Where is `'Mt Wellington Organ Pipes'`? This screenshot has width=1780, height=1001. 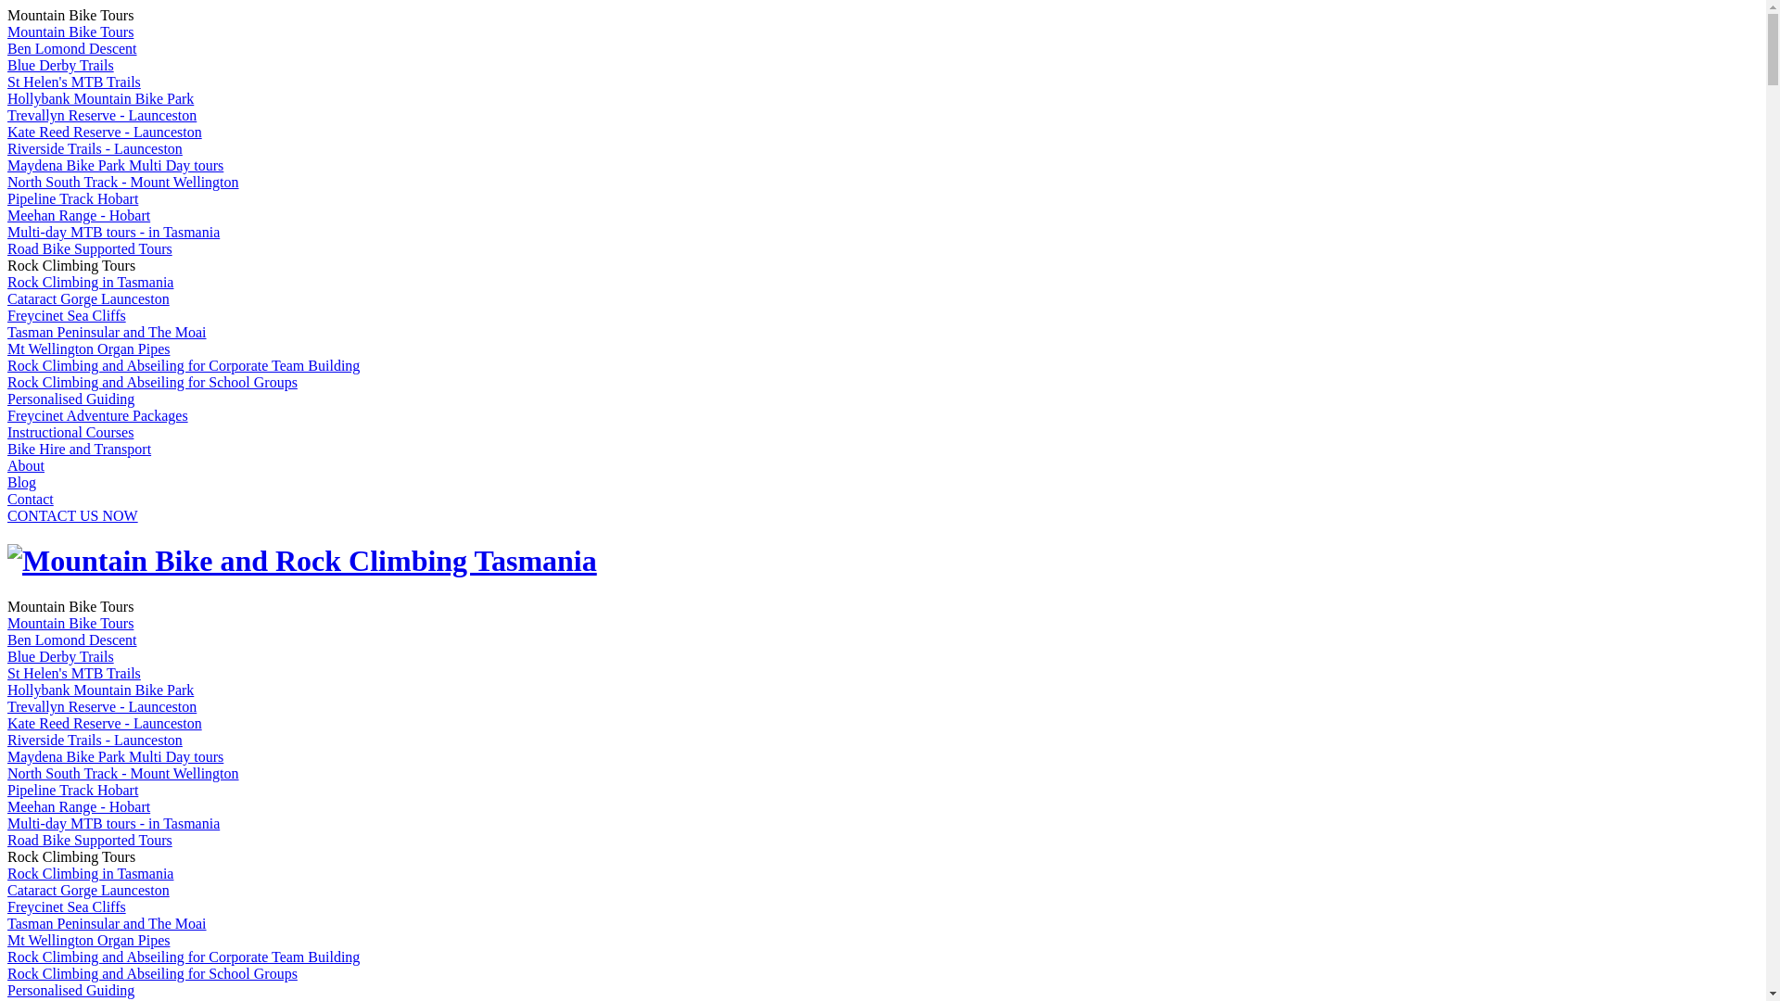
'Mt Wellington Organ Pipes' is located at coordinates (87, 940).